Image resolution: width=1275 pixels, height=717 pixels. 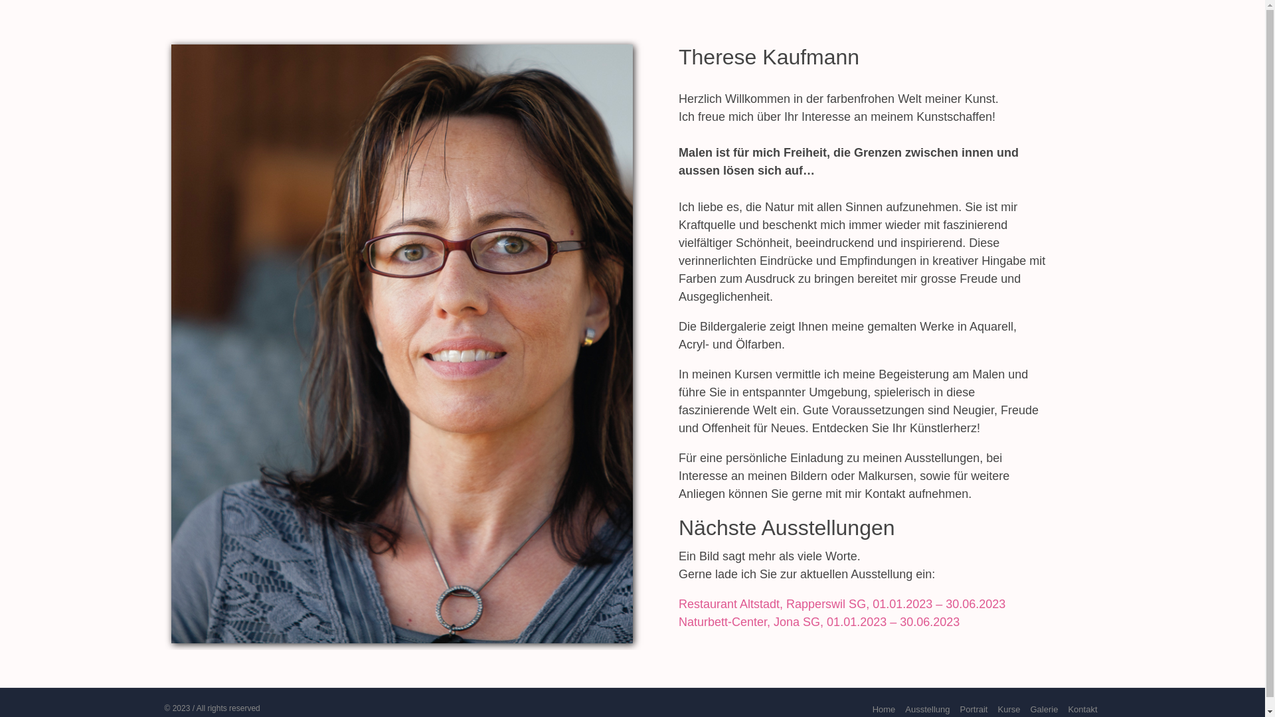 What do you see at coordinates (904, 708) in the screenshot?
I see `'Ausstellung'` at bounding box center [904, 708].